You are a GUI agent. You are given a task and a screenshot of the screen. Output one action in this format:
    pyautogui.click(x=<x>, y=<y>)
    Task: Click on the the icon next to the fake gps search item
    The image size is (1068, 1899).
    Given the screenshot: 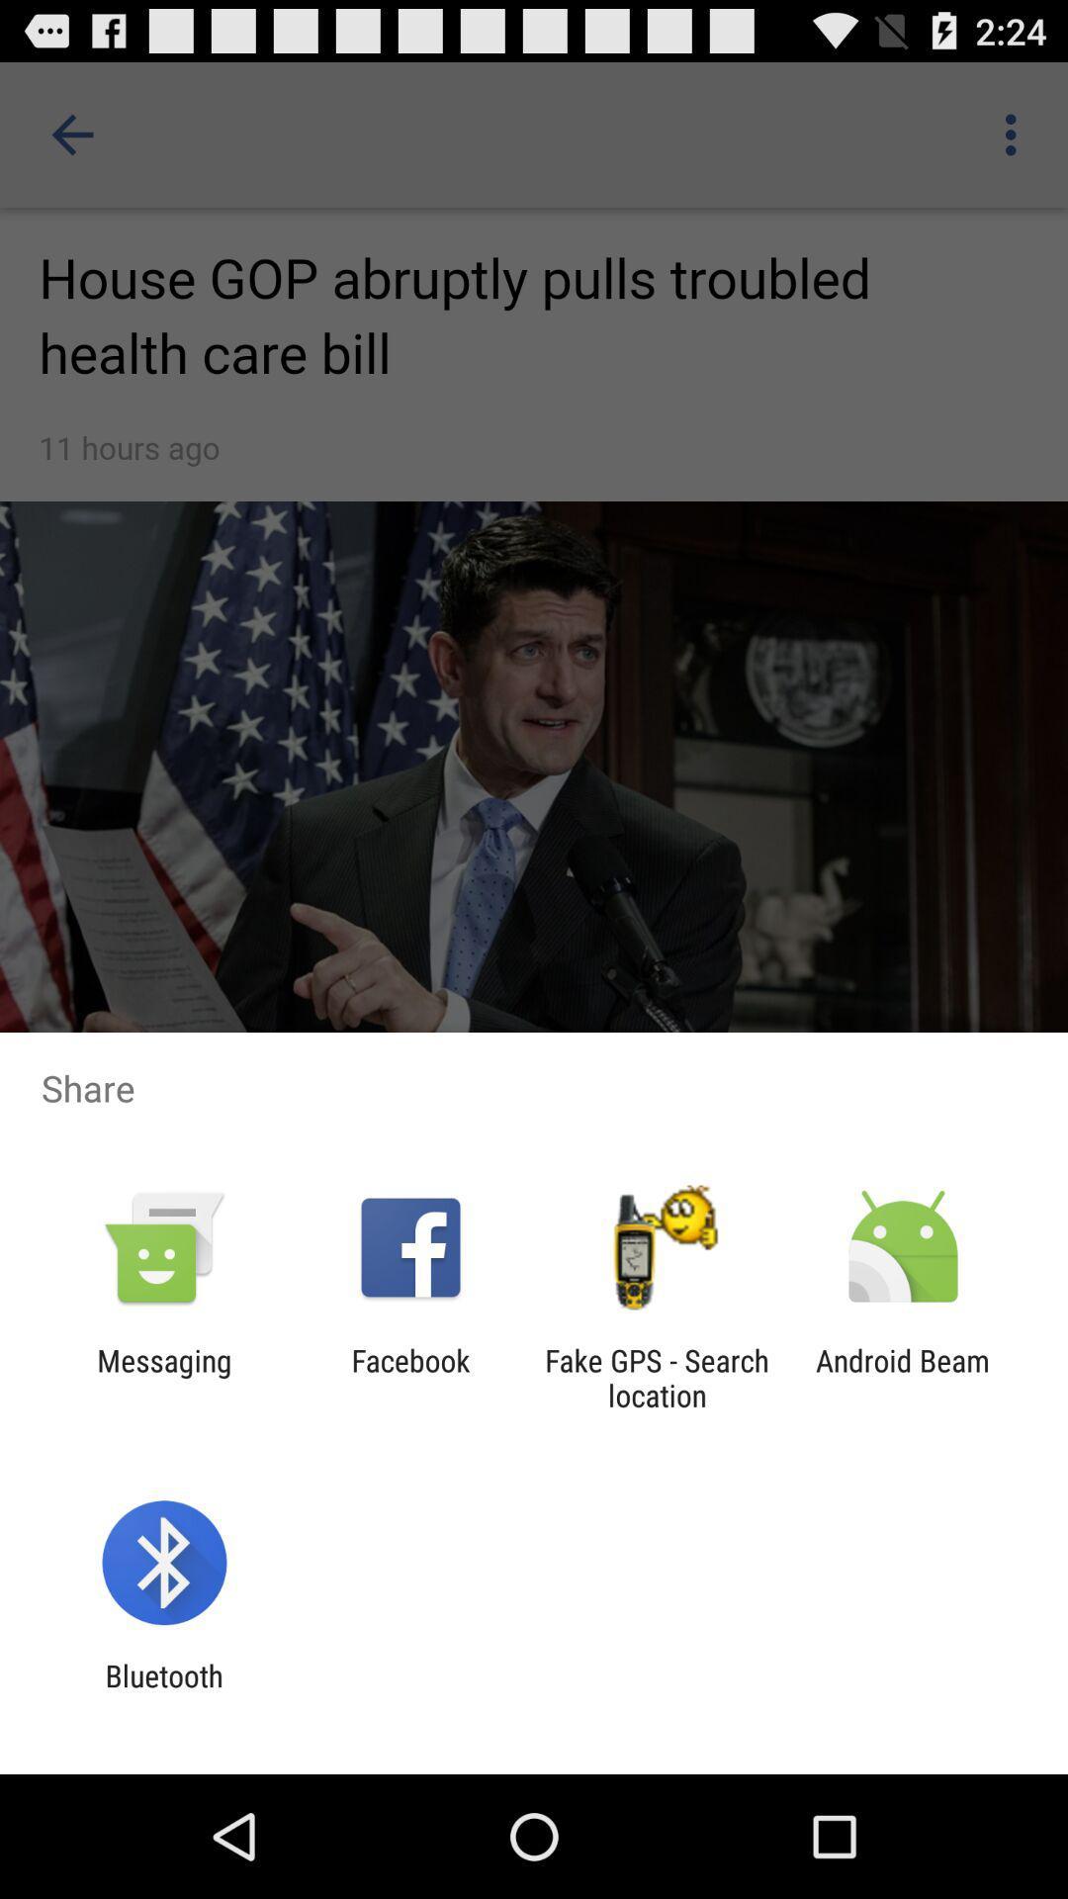 What is the action you would take?
    pyautogui.click(x=409, y=1377)
    